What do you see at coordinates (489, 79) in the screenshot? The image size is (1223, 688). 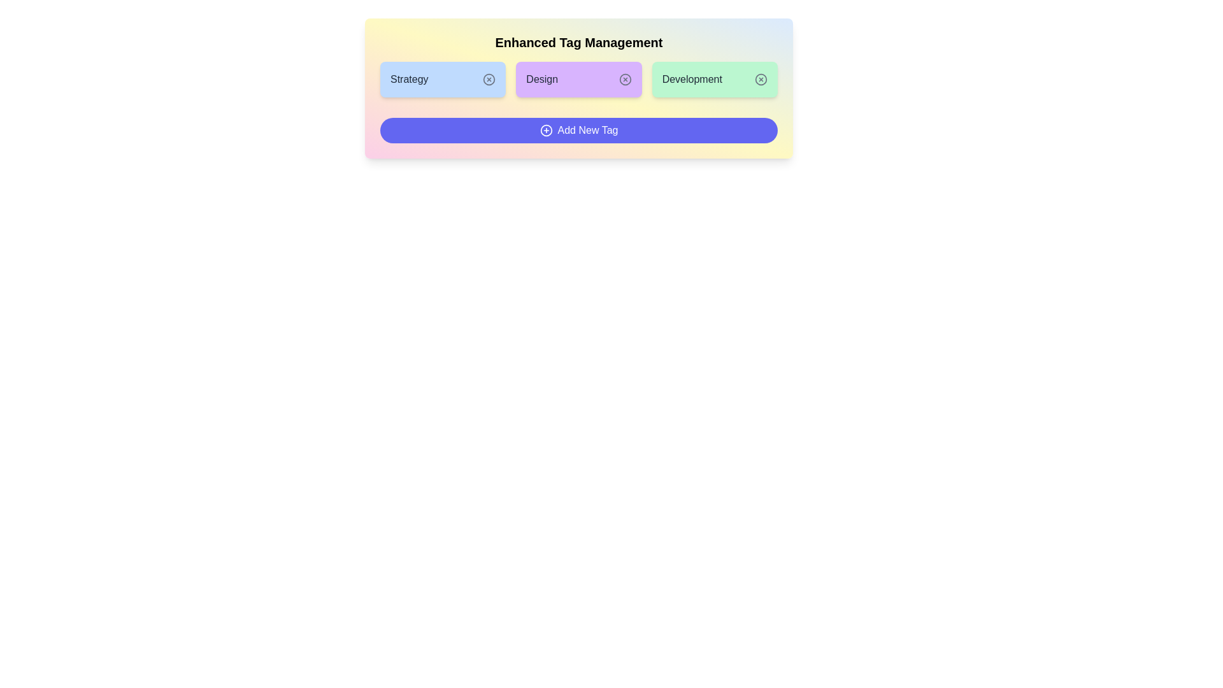 I see `the 'X' button of the tag labeled 'Strategy' to remove it` at bounding box center [489, 79].